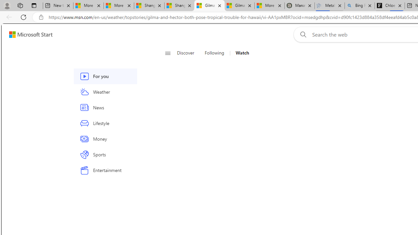 This screenshot has height=235, width=418. What do you see at coordinates (390, 6) in the screenshot?
I see `'Chloe Sorvino'` at bounding box center [390, 6].